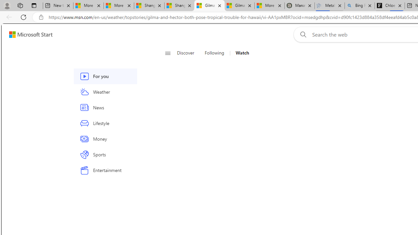 This screenshot has height=235, width=418. What do you see at coordinates (390, 6) in the screenshot?
I see `'Chloe Sorvino'` at bounding box center [390, 6].